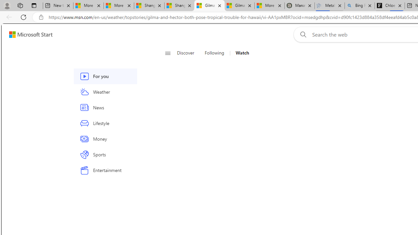 This screenshot has height=235, width=418. What do you see at coordinates (390, 6) in the screenshot?
I see `'Chloe Sorvino'` at bounding box center [390, 6].